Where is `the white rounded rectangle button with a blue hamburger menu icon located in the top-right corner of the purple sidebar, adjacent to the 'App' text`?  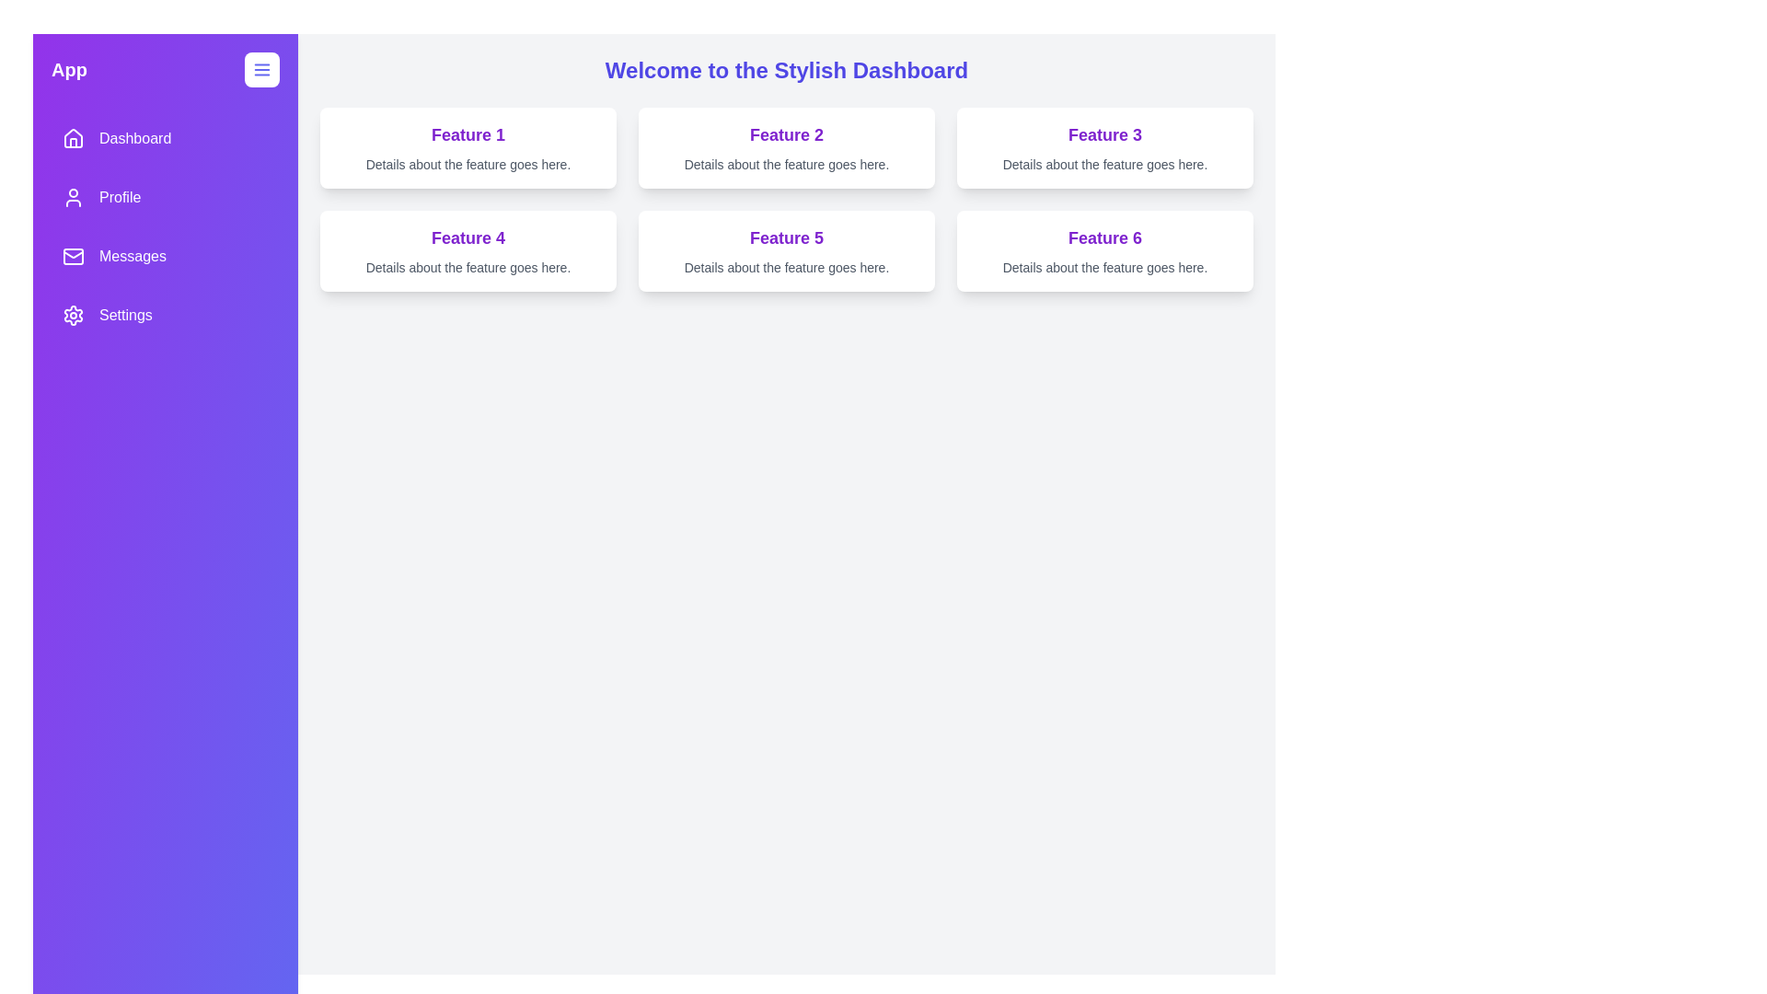
the white rounded rectangle button with a blue hamburger menu icon located in the top-right corner of the purple sidebar, adjacent to the 'App' text is located at coordinates (260, 69).